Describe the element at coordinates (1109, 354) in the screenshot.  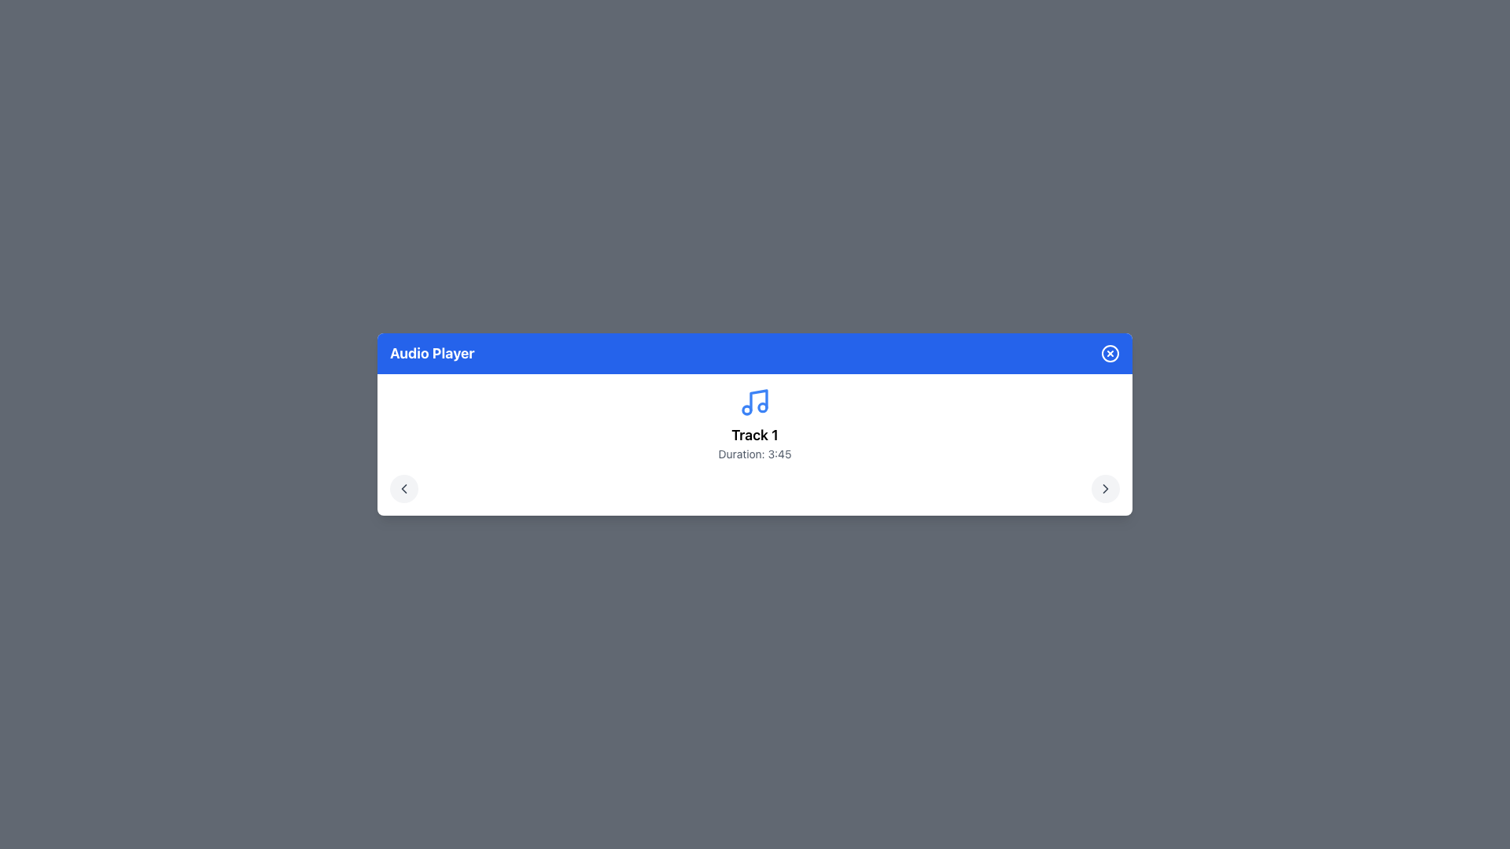
I see `the decorative circle that forms the outer circular border of the close button icon located in the top-right corner of the blue header bar of the audio player interface` at that location.